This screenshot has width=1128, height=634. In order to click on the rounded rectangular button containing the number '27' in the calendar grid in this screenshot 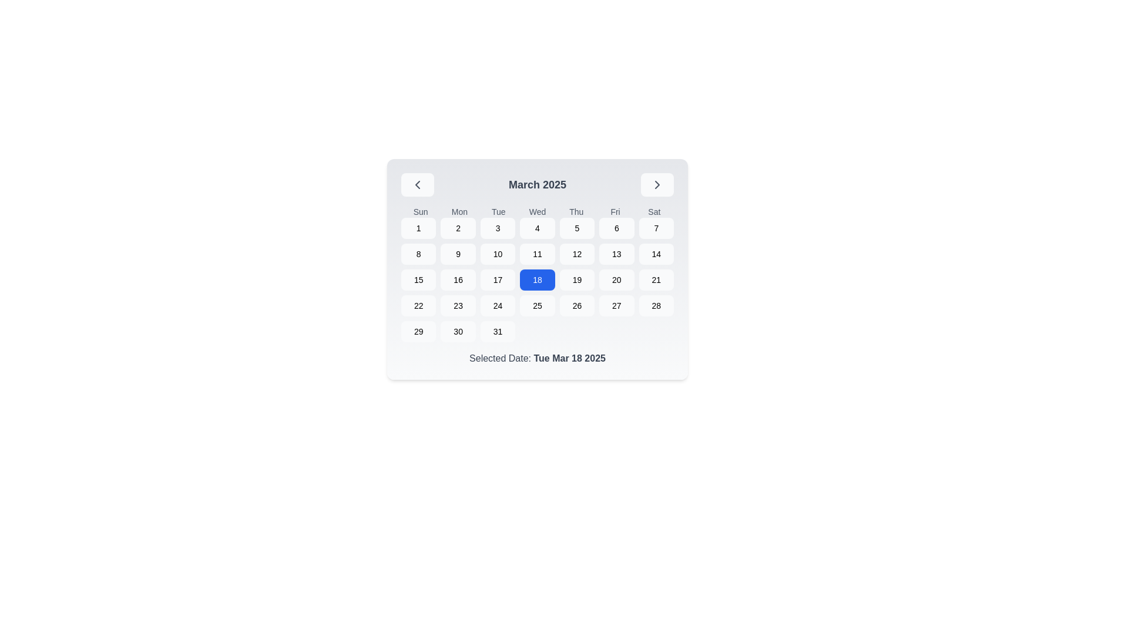, I will do `click(616, 305)`.